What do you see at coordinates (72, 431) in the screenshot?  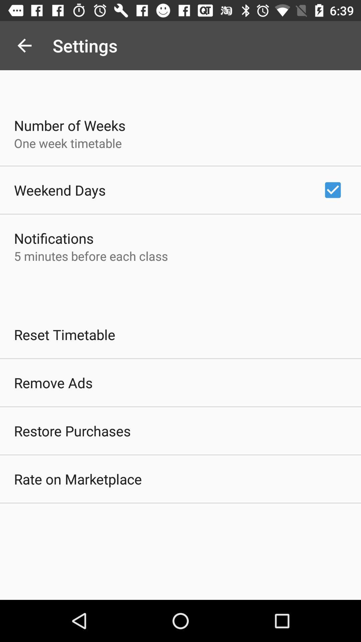 I see `item above the rate on marketplace app` at bounding box center [72, 431].